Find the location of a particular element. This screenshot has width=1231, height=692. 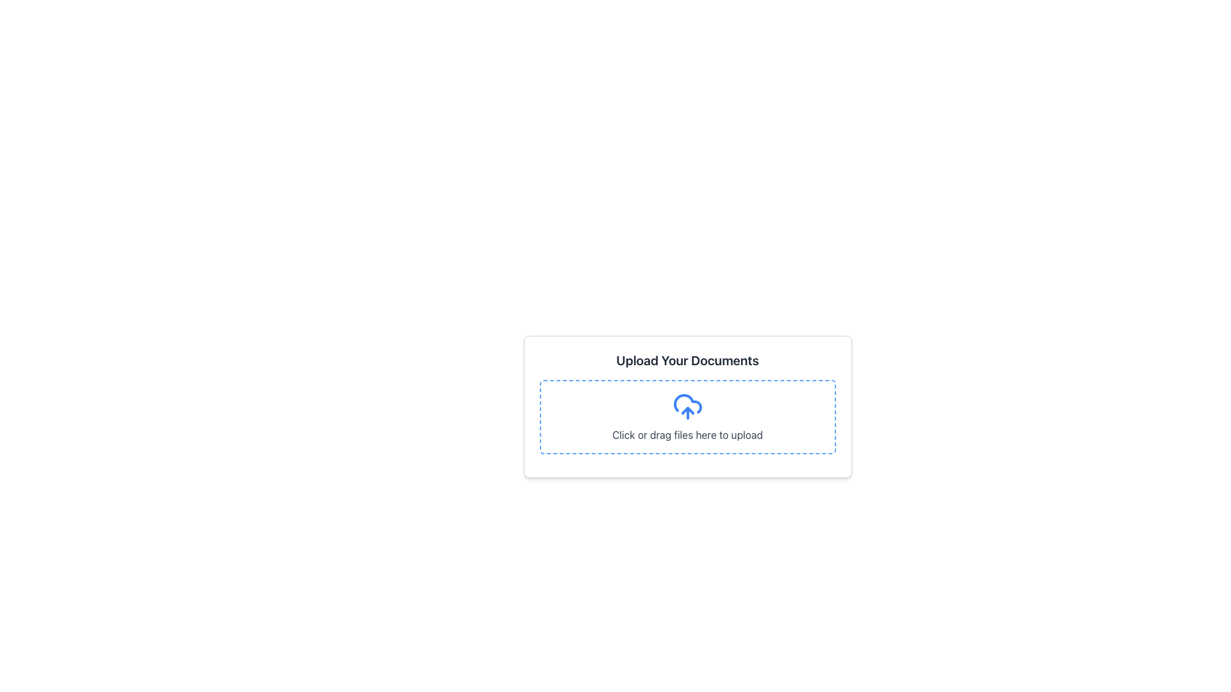

the Dropzone element with dashed blue borders and a cloud upload icon, which is used for file uploads, to provide visual feedback is located at coordinates (687, 420).